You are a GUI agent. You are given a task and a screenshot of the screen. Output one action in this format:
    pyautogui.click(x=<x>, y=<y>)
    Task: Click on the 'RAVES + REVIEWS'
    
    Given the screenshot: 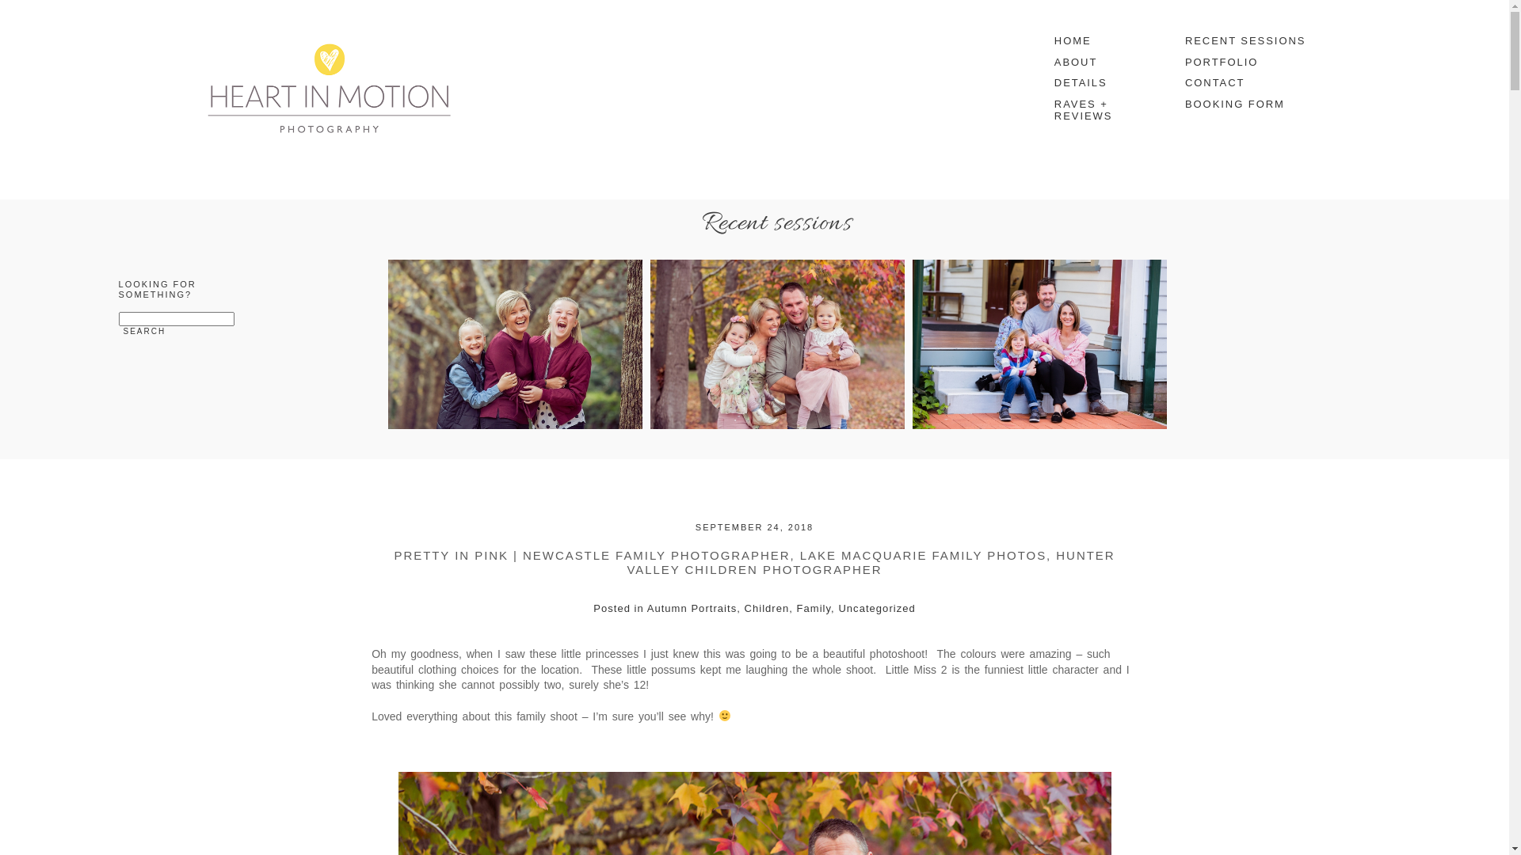 What is the action you would take?
    pyautogui.click(x=1046, y=109)
    